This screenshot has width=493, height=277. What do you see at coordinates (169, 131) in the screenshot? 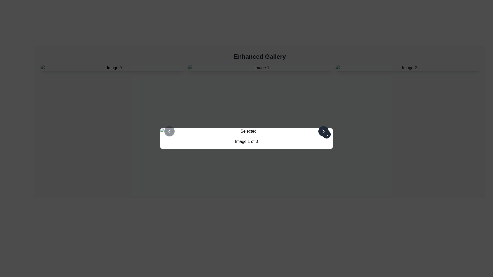
I see `the left circular button with a gray background and a white leftward arrow icon, positioned slightly to the left edge of the main interaction area` at bounding box center [169, 131].